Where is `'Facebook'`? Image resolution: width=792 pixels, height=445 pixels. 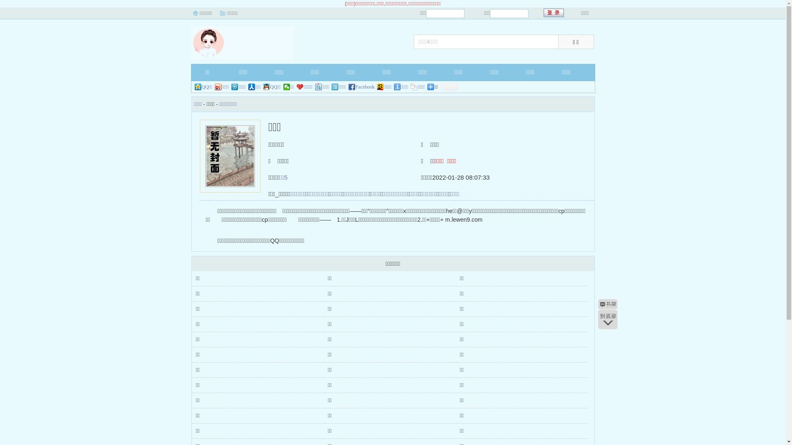
'Facebook' is located at coordinates (362, 87).